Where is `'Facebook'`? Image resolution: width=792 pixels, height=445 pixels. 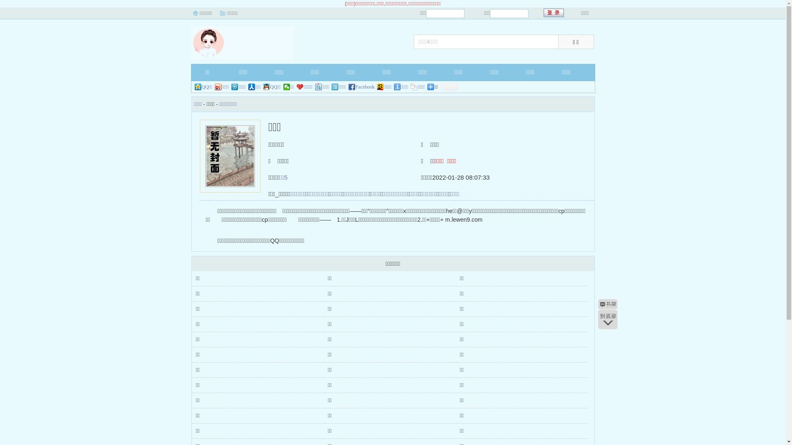
'Facebook' is located at coordinates (362, 87).